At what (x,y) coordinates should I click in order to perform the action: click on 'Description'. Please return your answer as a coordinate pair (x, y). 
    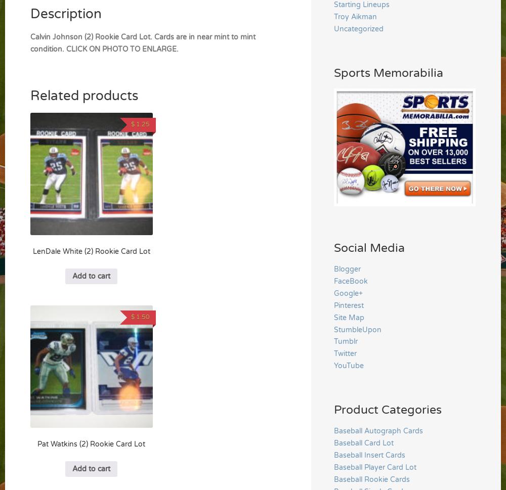
    Looking at the image, I should click on (66, 14).